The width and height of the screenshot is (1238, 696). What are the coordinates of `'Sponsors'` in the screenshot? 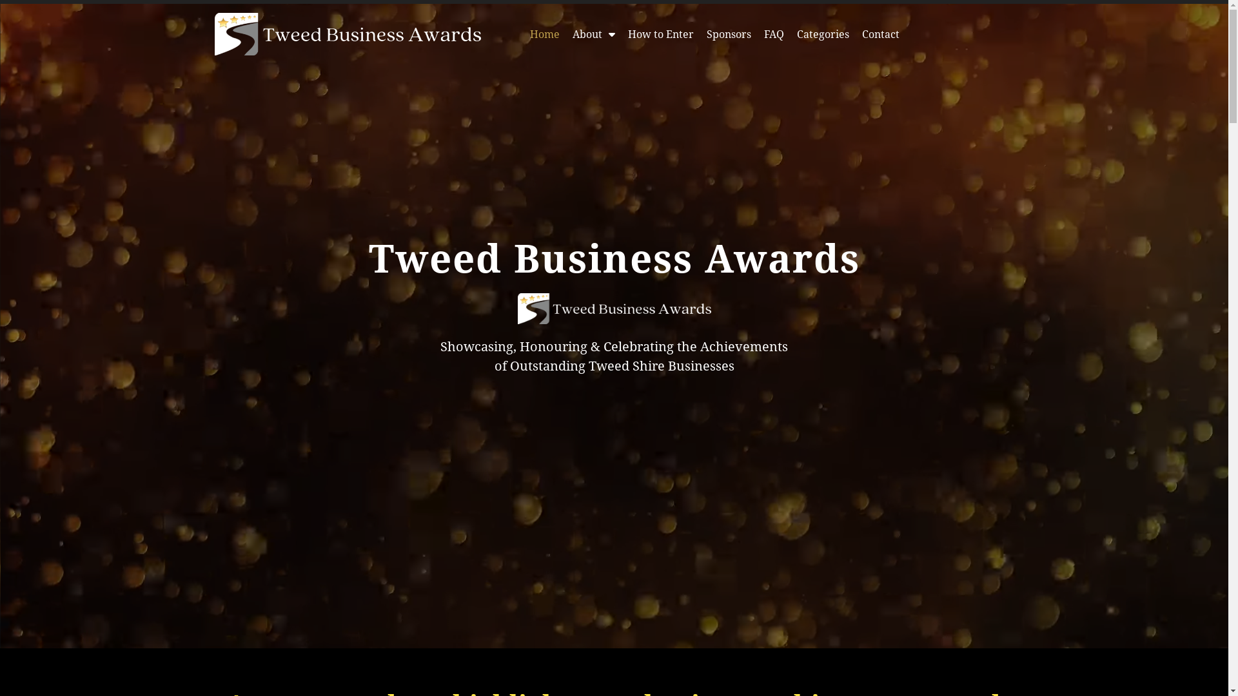 It's located at (705, 34).